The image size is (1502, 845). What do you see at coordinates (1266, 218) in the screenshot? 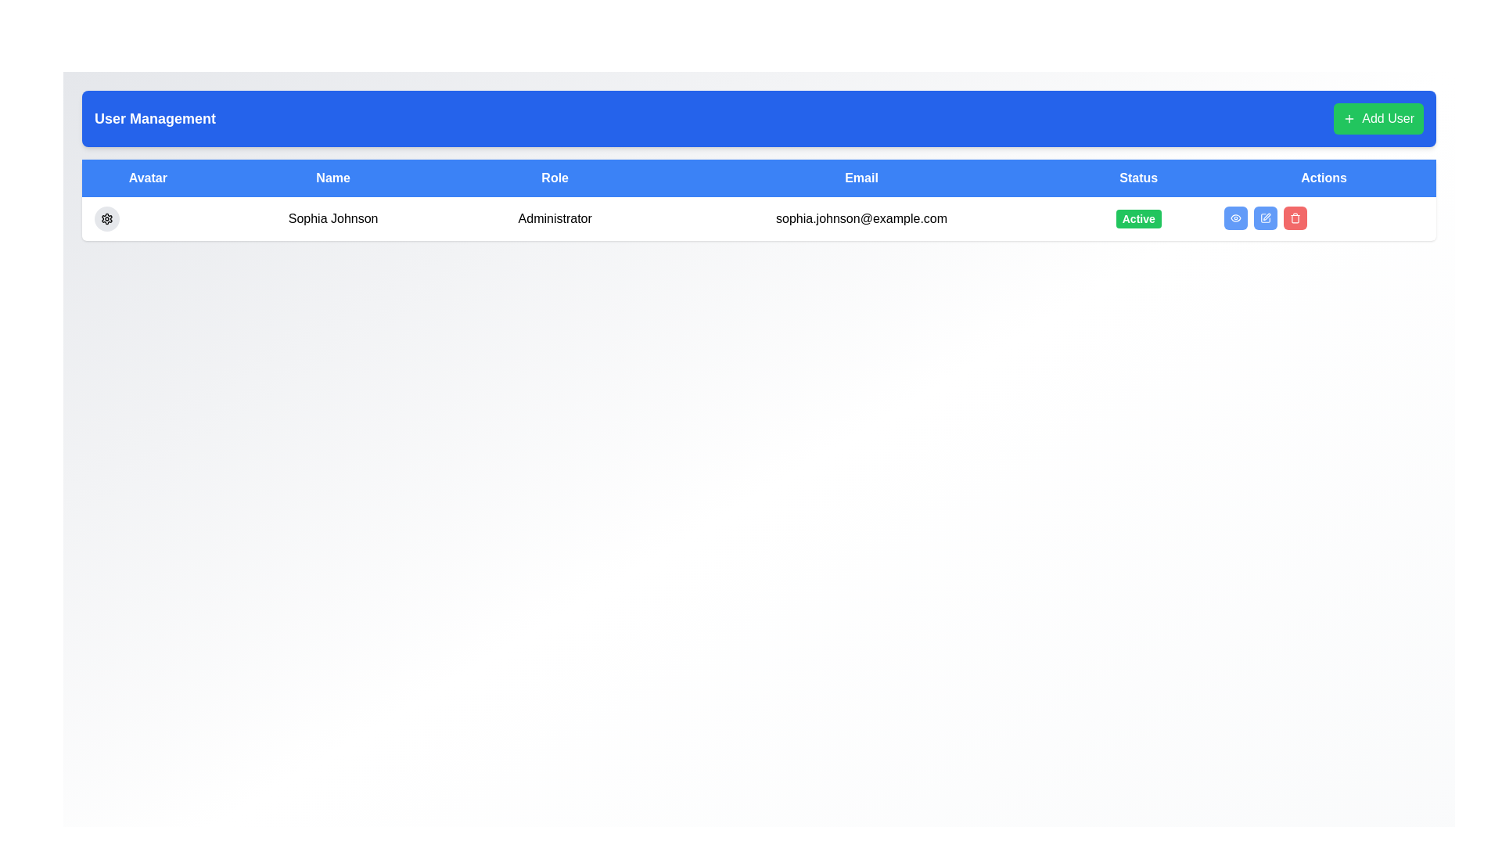
I see `the blue button with a white pen icon located in the 'Actions' column of the user management table to initiate an action` at bounding box center [1266, 218].